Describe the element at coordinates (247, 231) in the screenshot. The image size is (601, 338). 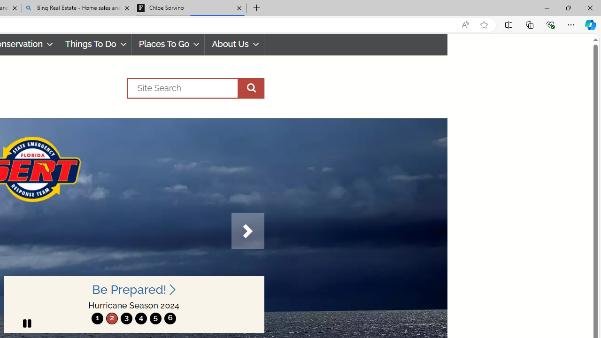
I see `'Next'` at that location.